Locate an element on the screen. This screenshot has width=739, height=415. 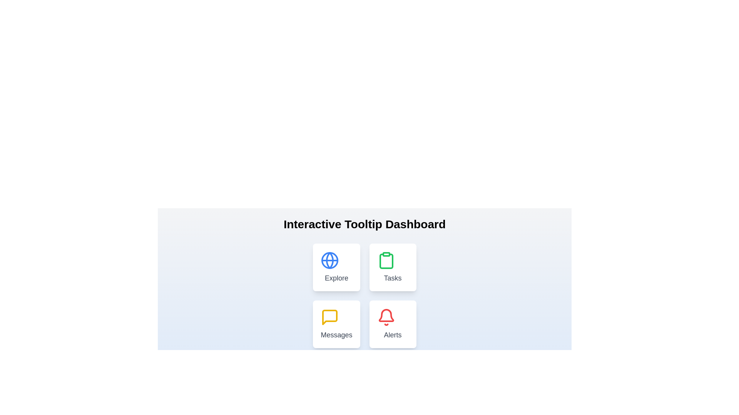
the red bell icon representing notifications, located at the top of the 'Alerts' card in the bottom-right corner of the dashboard is located at coordinates (386, 317).